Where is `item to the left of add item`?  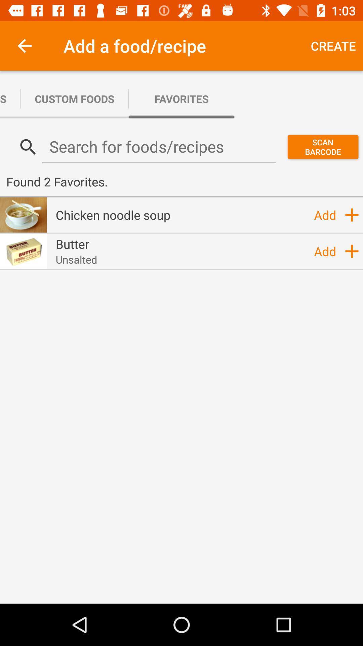 item to the left of add item is located at coordinates (72, 244).